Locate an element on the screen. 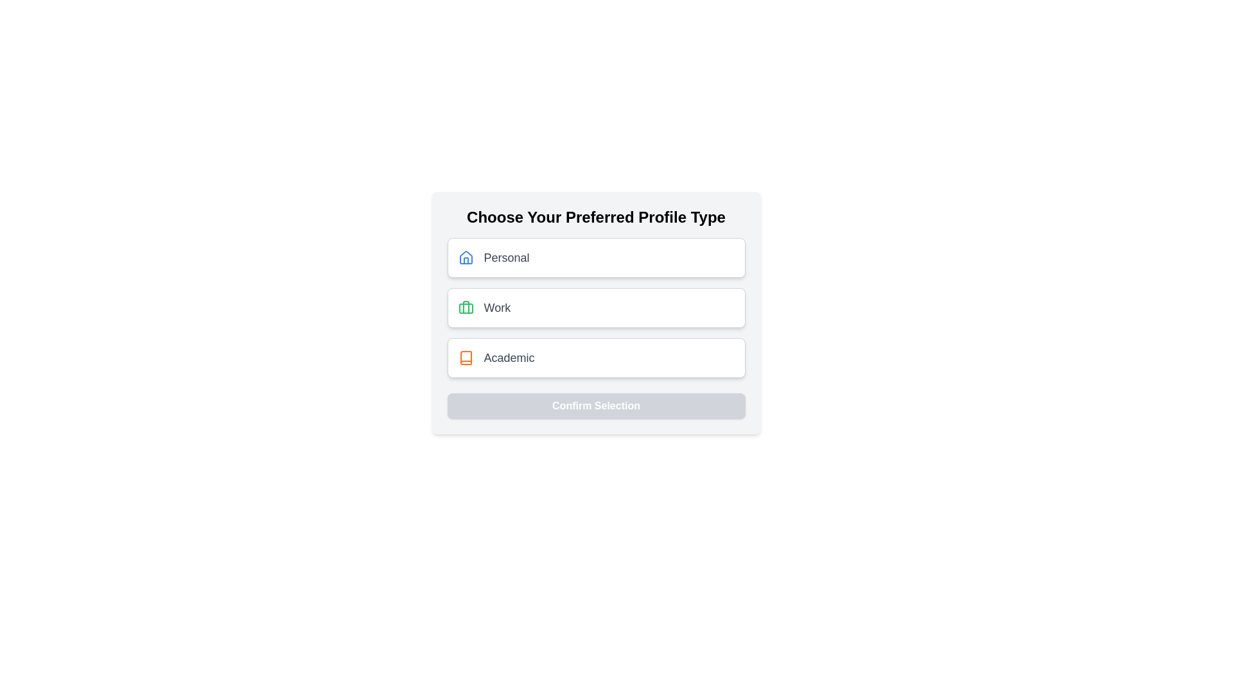 This screenshot has width=1233, height=693. the selectable option labeled 'Work' for keyboard navigation is located at coordinates (595, 307).